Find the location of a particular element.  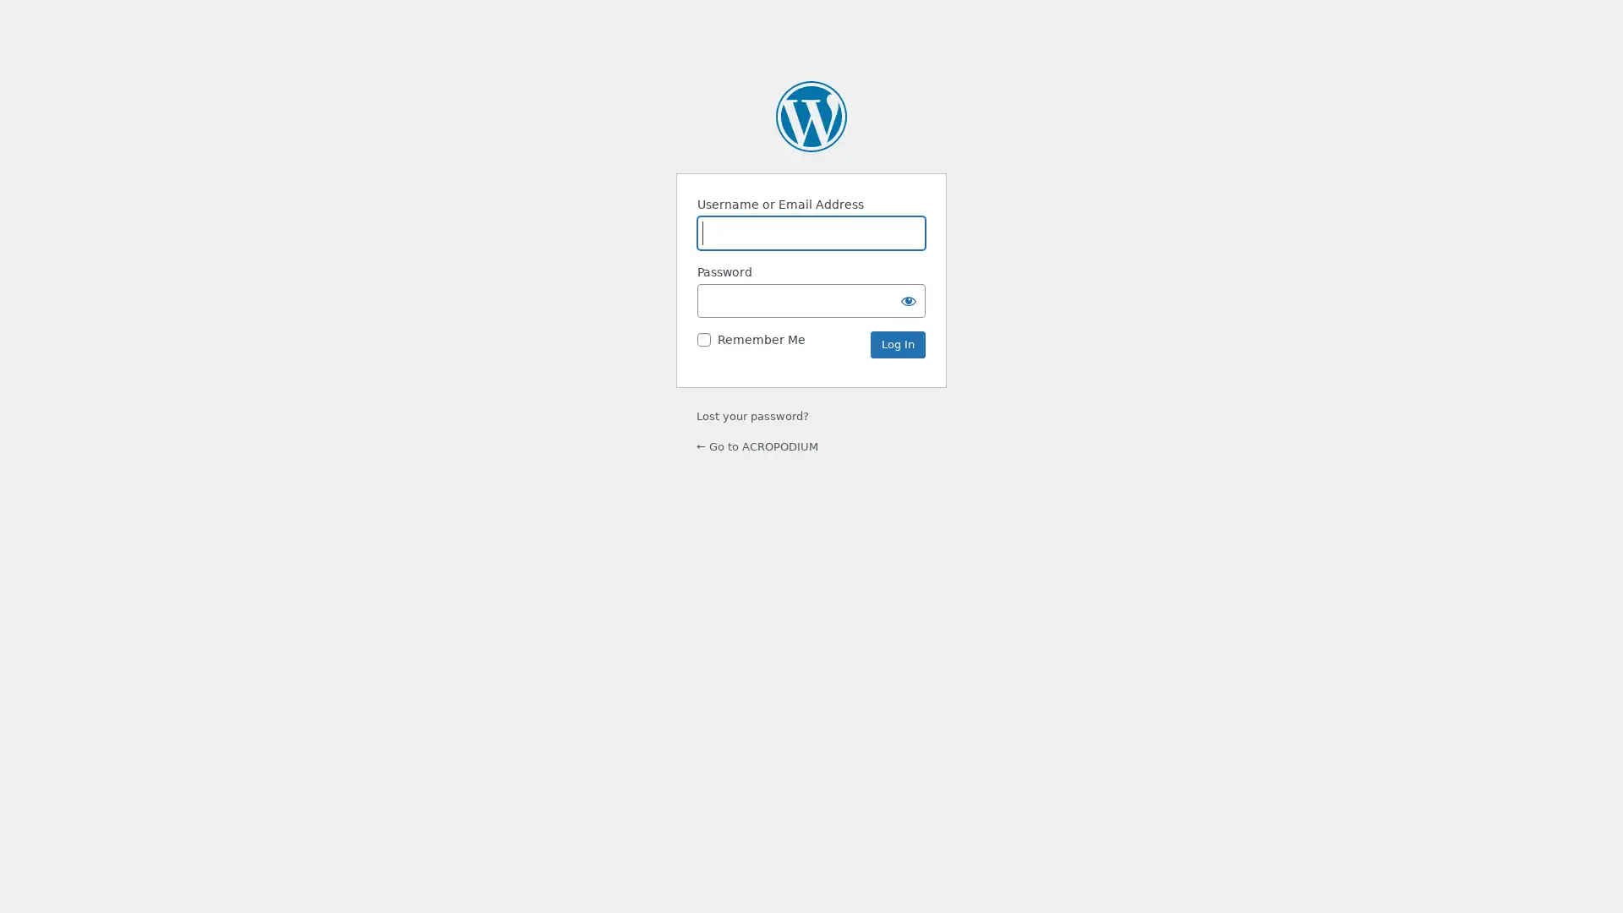

Log In is located at coordinates (897, 344).